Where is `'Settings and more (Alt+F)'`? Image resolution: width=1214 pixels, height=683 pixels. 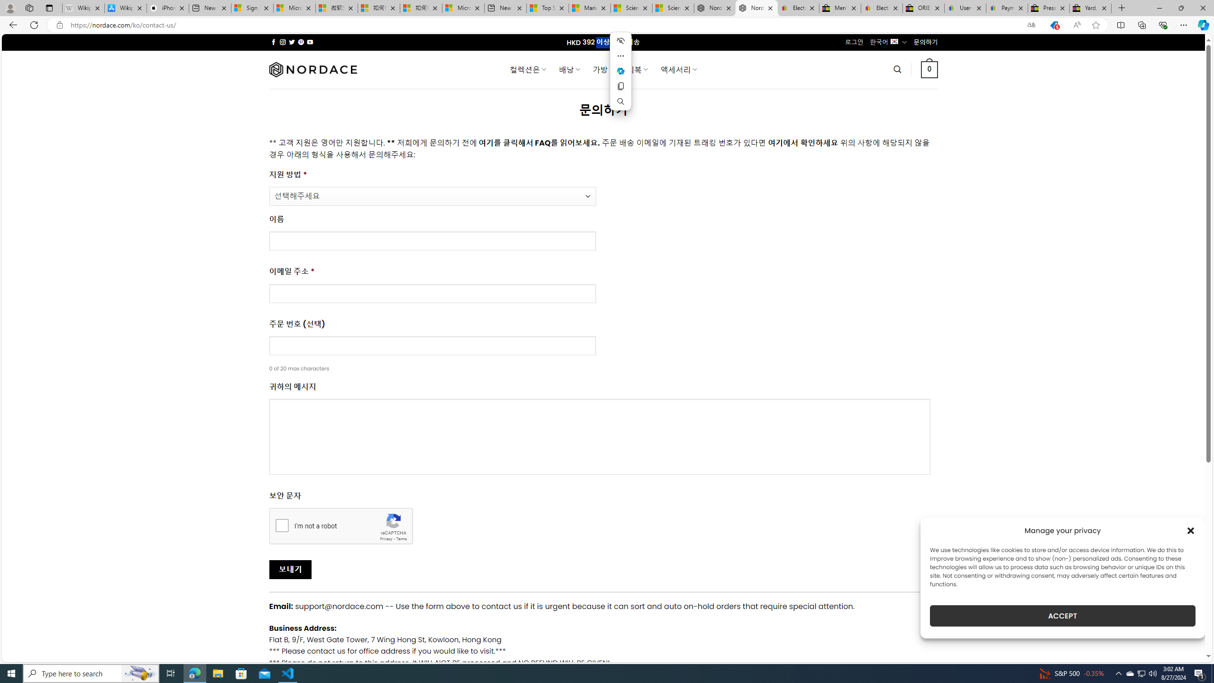
'Settings and more (Alt+F)' is located at coordinates (1183, 24).